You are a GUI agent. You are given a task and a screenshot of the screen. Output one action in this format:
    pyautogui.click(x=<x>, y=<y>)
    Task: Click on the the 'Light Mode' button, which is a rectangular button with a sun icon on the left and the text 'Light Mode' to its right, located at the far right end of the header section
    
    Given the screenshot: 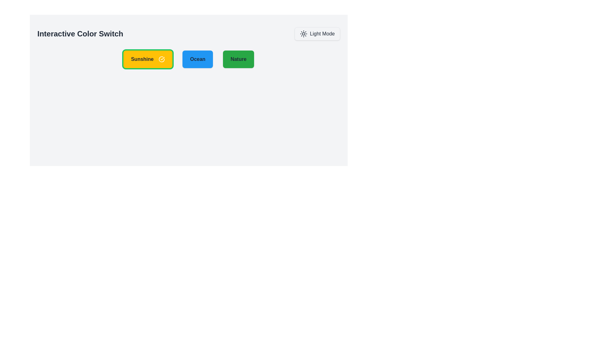 What is the action you would take?
    pyautogui.click(x=317, y=34)
    